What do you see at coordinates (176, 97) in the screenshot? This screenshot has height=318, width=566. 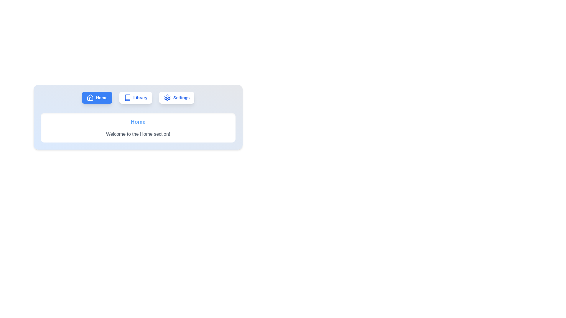 I see `the Settings tab` at bounding box center [176, 97].